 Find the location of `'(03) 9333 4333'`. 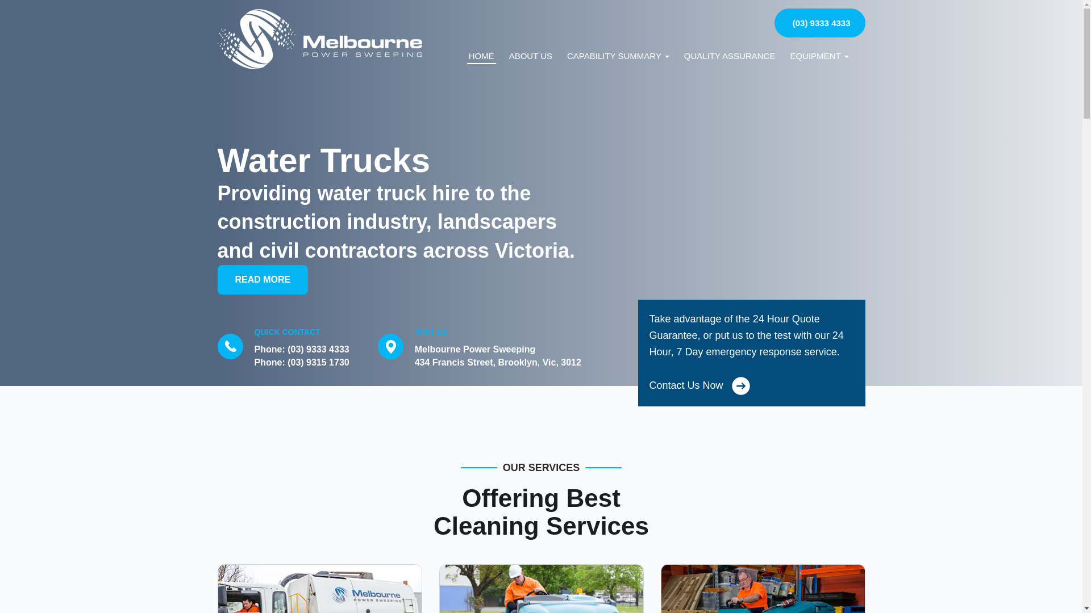

'(03) 9333 4333' is located at coordinates (774, 23).